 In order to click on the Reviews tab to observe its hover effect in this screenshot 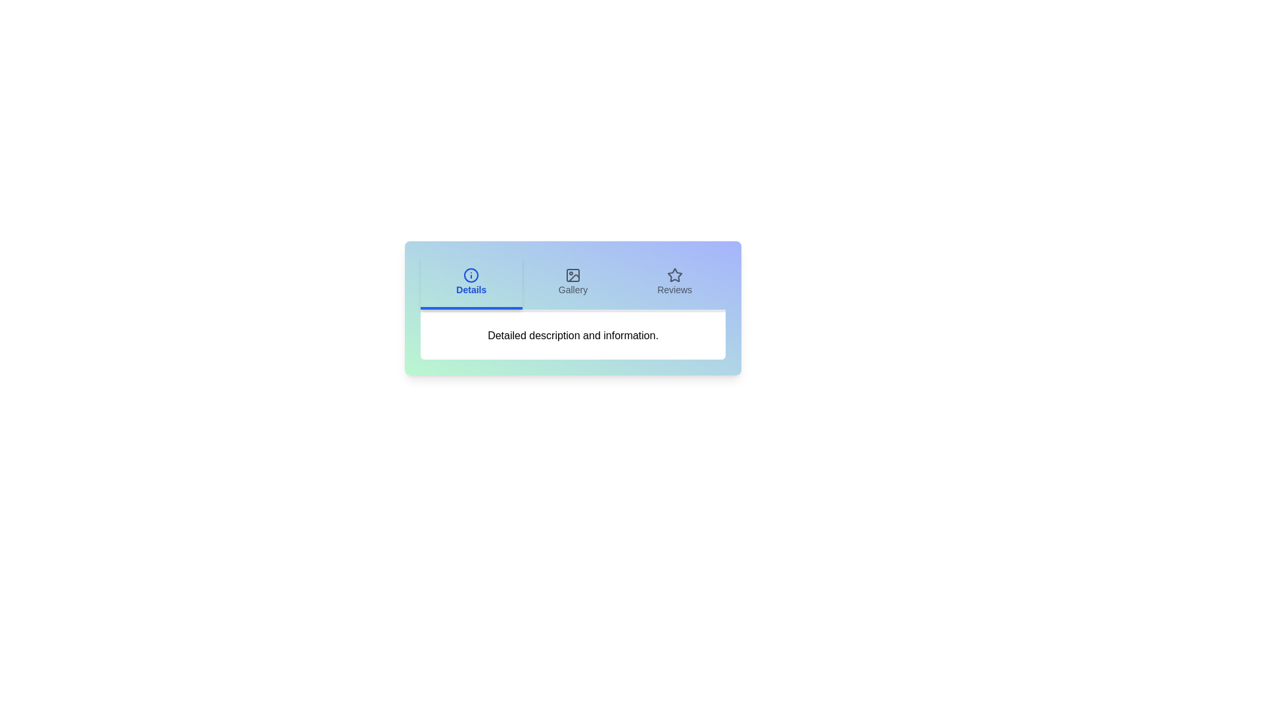, I will do `click(675, 283)`.